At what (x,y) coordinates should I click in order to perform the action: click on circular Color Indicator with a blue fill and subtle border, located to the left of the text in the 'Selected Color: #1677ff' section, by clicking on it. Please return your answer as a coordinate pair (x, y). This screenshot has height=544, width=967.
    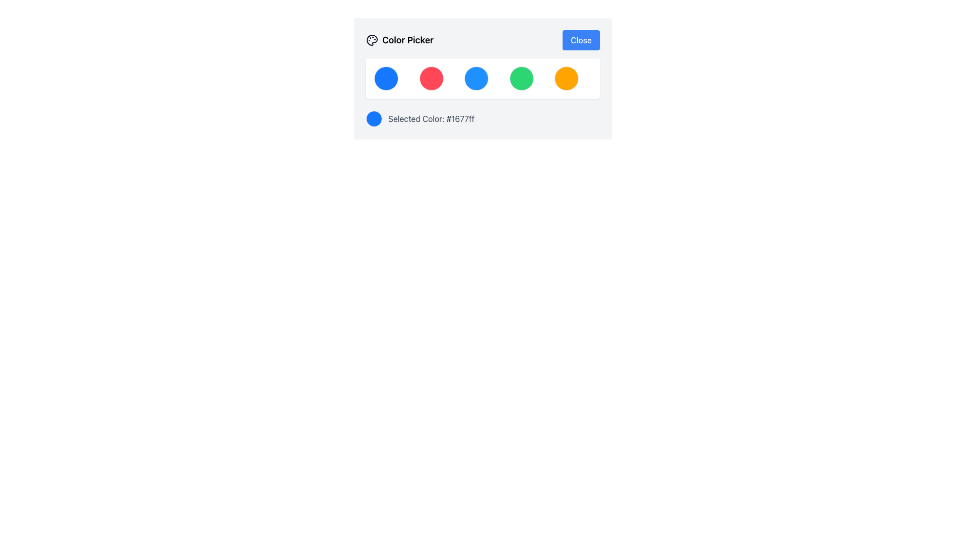
    Looking at the image, I should click on (374, 118).